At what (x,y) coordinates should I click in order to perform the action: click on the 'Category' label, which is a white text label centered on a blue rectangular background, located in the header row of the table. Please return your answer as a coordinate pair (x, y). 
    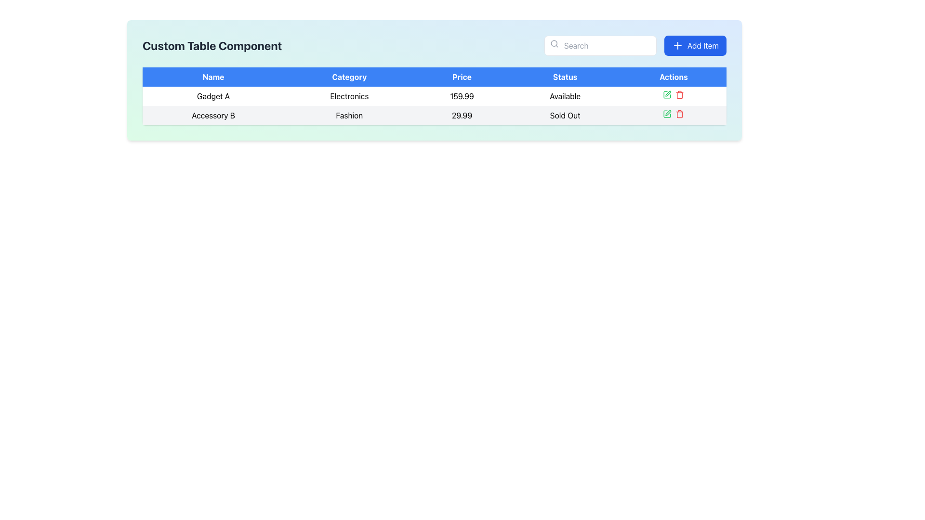
    Looking at the image, I should click on (349, 76).